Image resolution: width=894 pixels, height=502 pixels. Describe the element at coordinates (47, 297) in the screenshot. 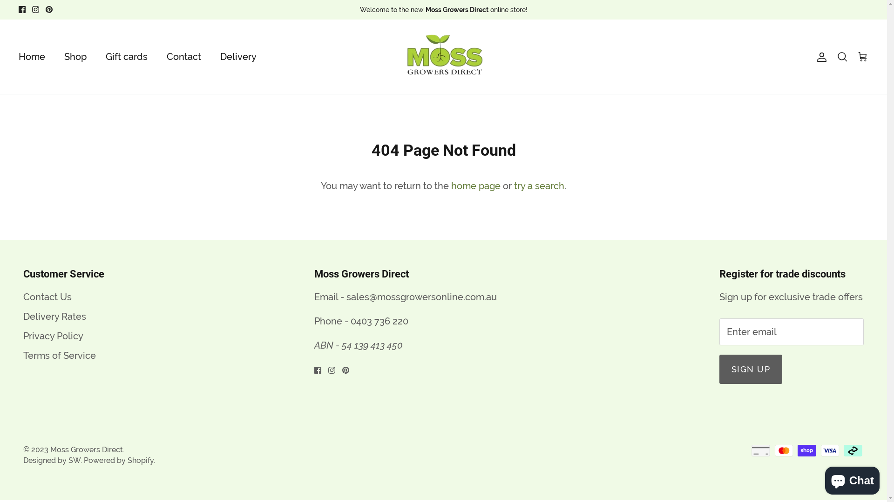

I see `'Contact Us'` at that location.